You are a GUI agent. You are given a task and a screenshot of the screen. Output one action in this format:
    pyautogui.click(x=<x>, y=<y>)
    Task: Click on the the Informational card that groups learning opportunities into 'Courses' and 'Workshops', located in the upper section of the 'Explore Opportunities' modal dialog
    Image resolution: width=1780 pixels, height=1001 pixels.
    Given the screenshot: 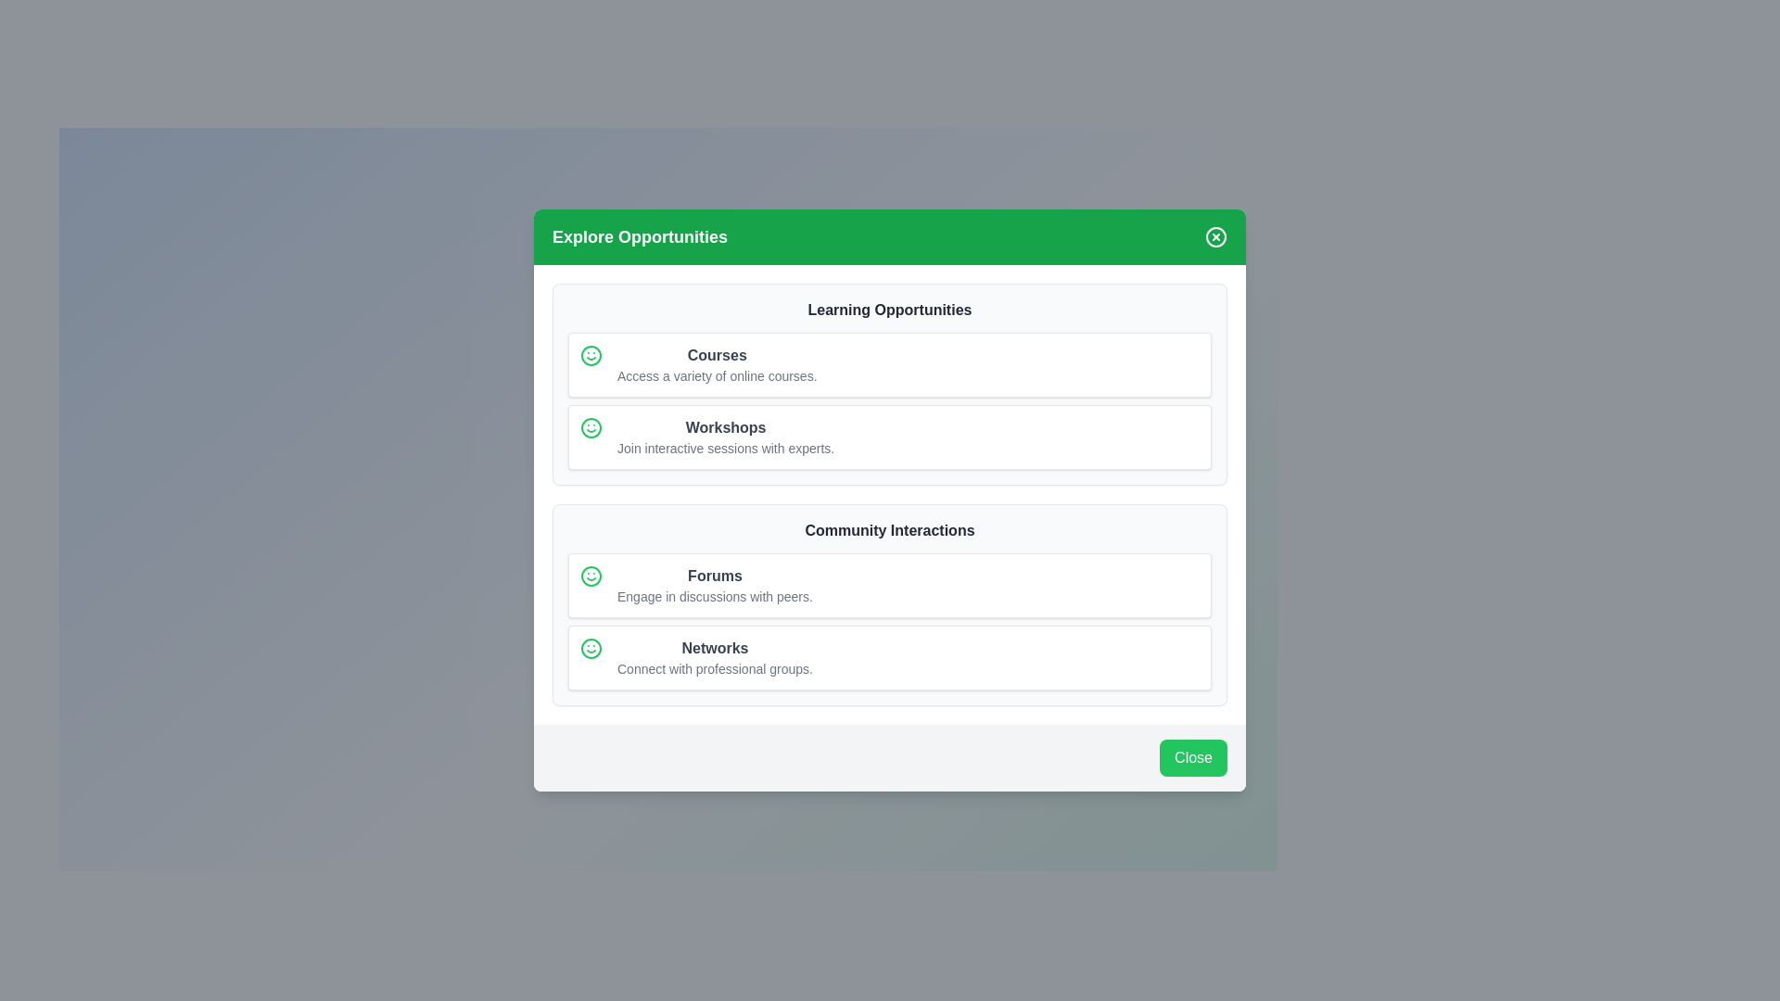 What is the action you would take?
    pyautogui.click(x=890, y=384)
    